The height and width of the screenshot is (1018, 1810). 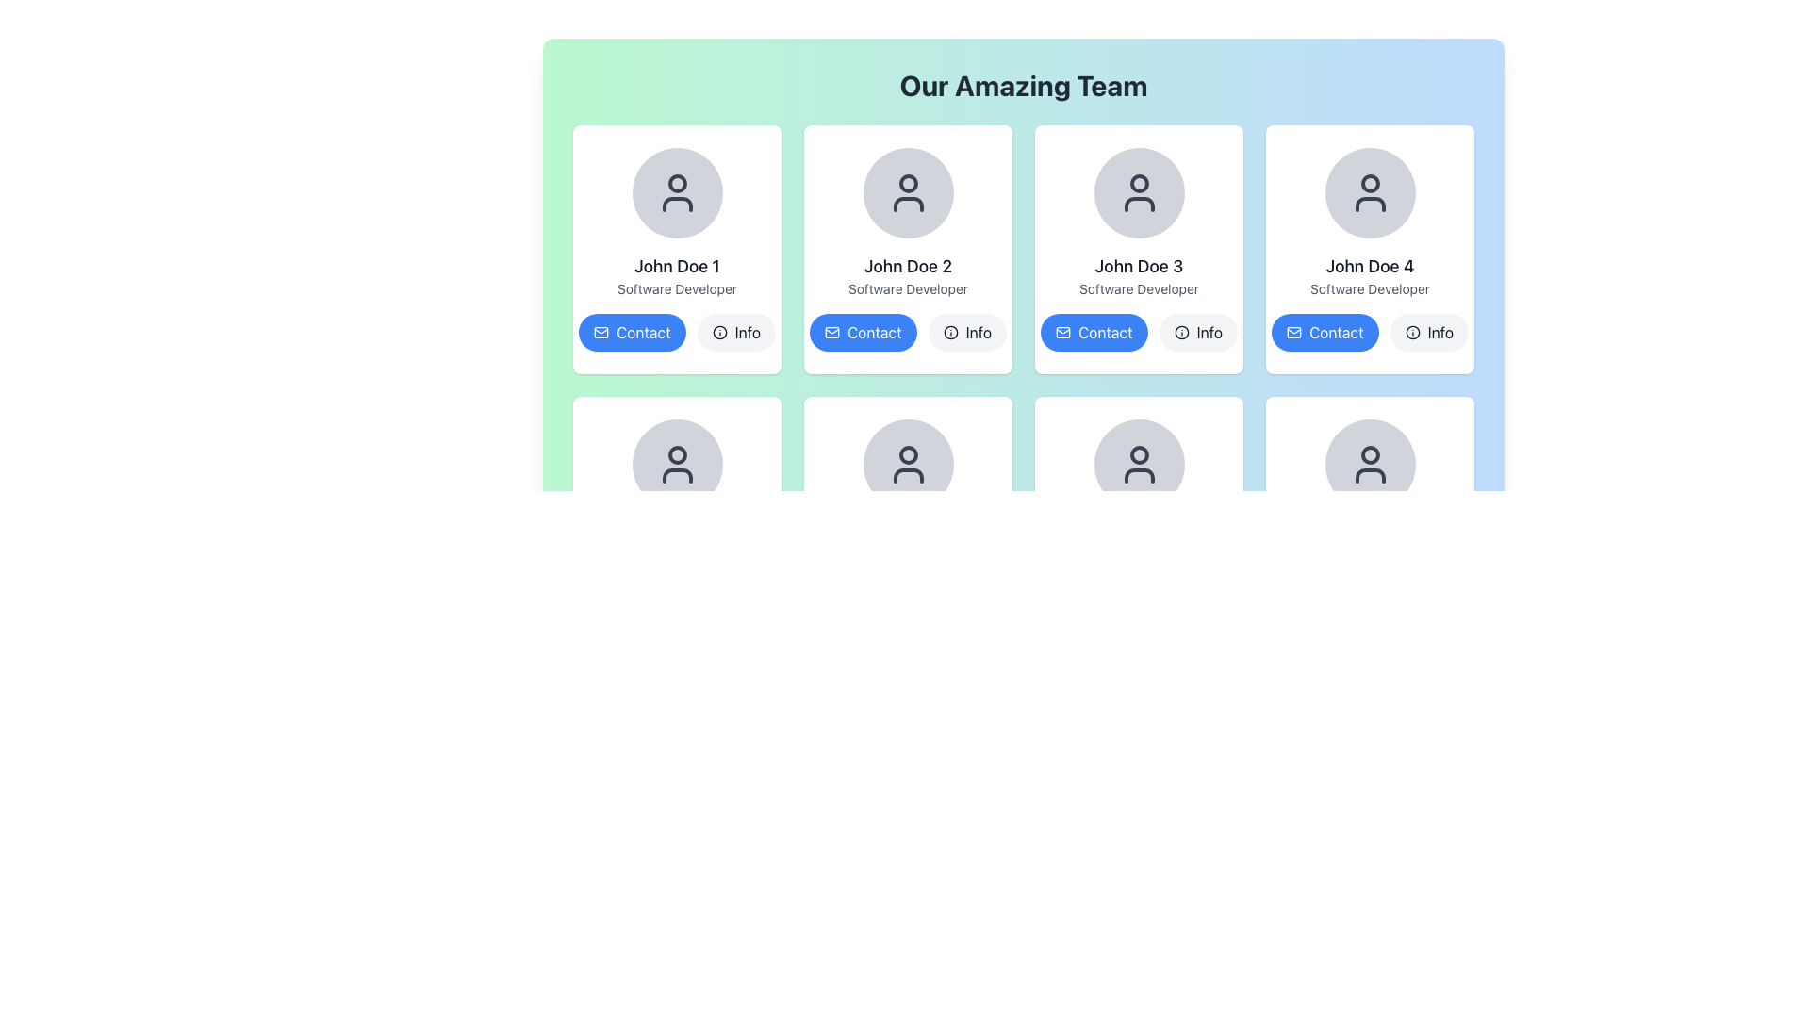 What do you see at coordinates (1180, 332) in the screenshot?
I see `the information icon located within the 'Info' button of the third profile card labeled 'John Doe 3'` at bounding box center [1180, 332].